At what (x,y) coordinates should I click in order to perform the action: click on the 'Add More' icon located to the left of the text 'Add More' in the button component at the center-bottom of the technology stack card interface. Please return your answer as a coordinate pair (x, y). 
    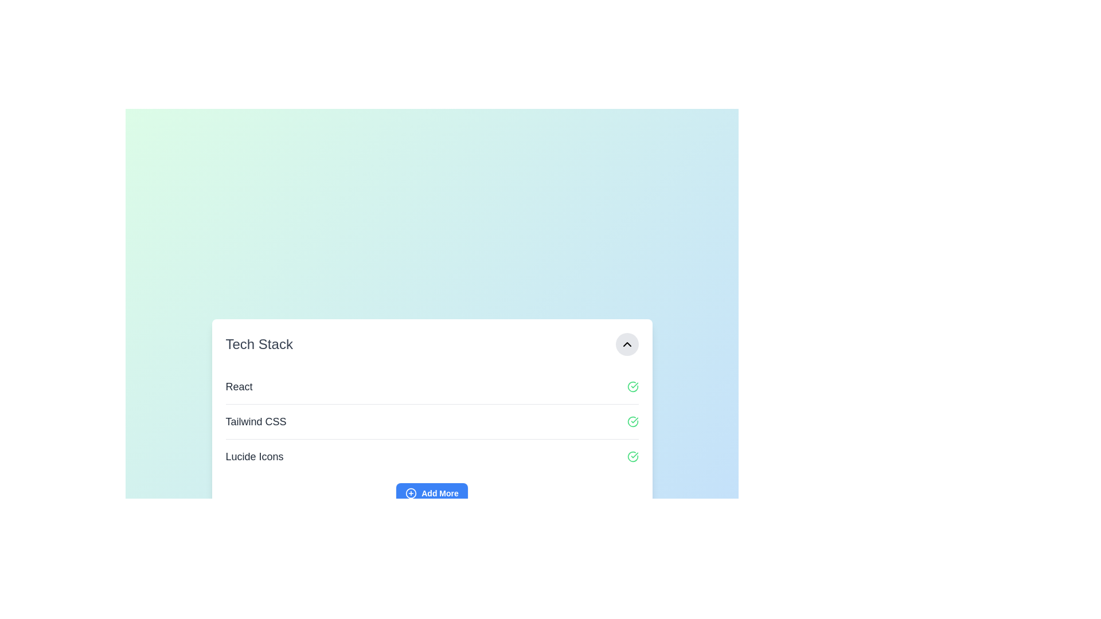
    Looking at the image, I should click on (411, 492).